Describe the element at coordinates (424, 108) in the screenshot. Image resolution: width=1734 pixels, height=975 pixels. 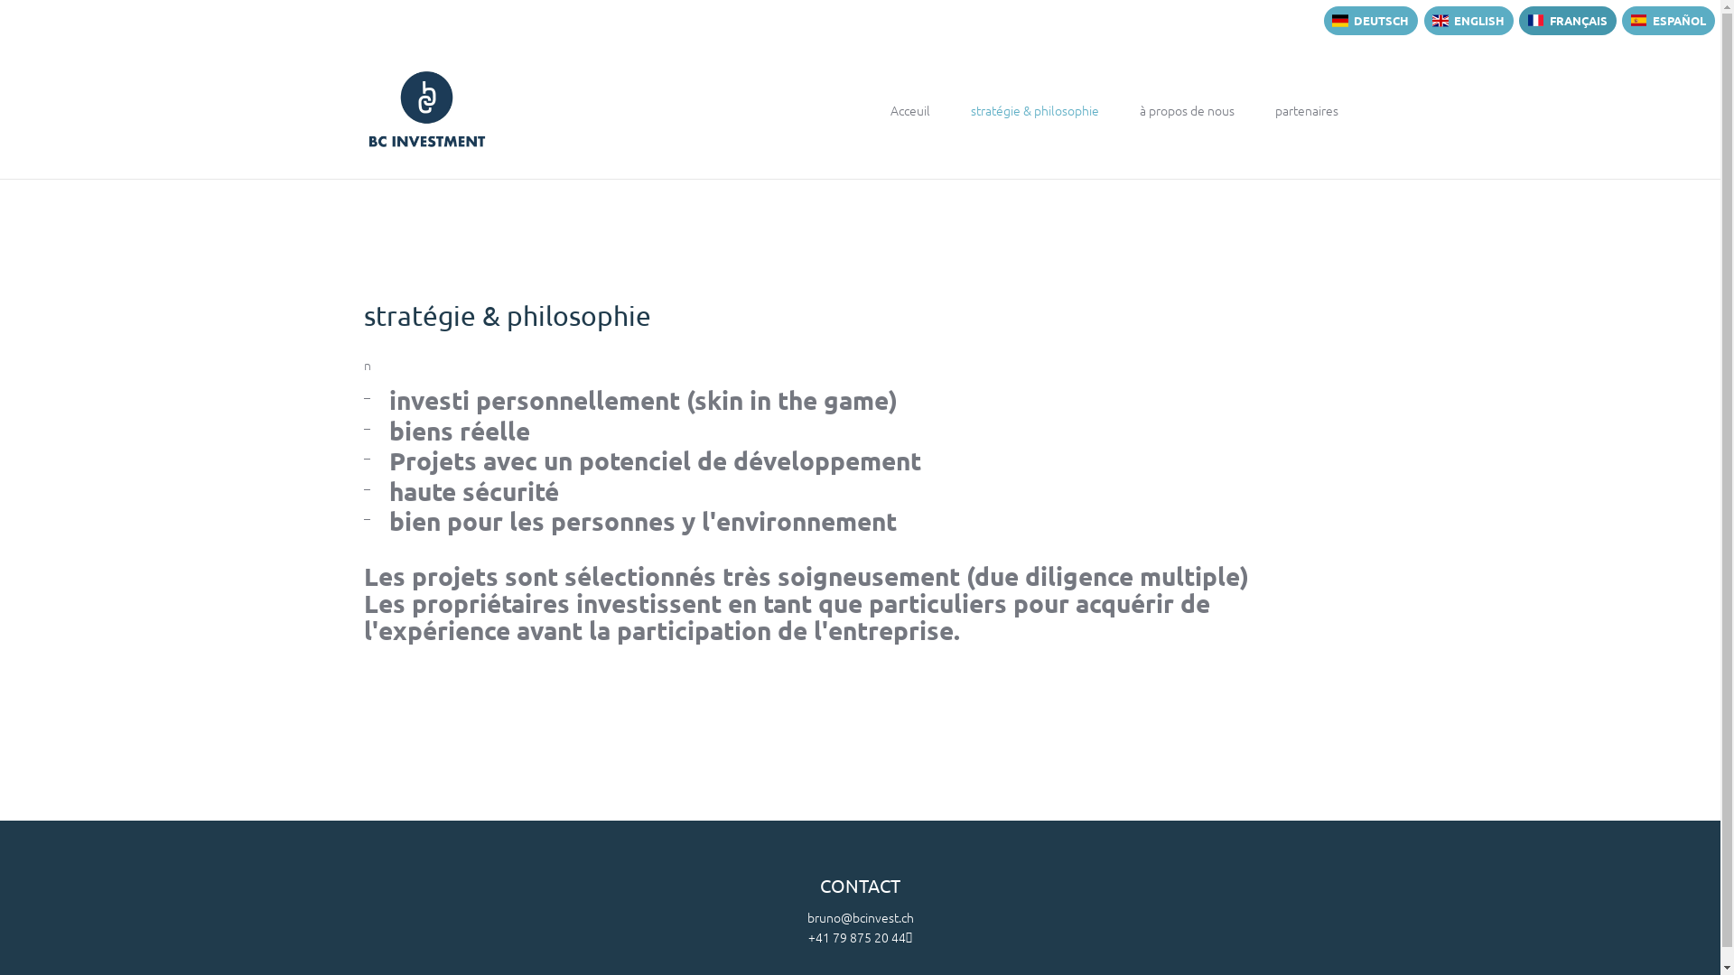
I see `'BC Investment AG'` at that location.